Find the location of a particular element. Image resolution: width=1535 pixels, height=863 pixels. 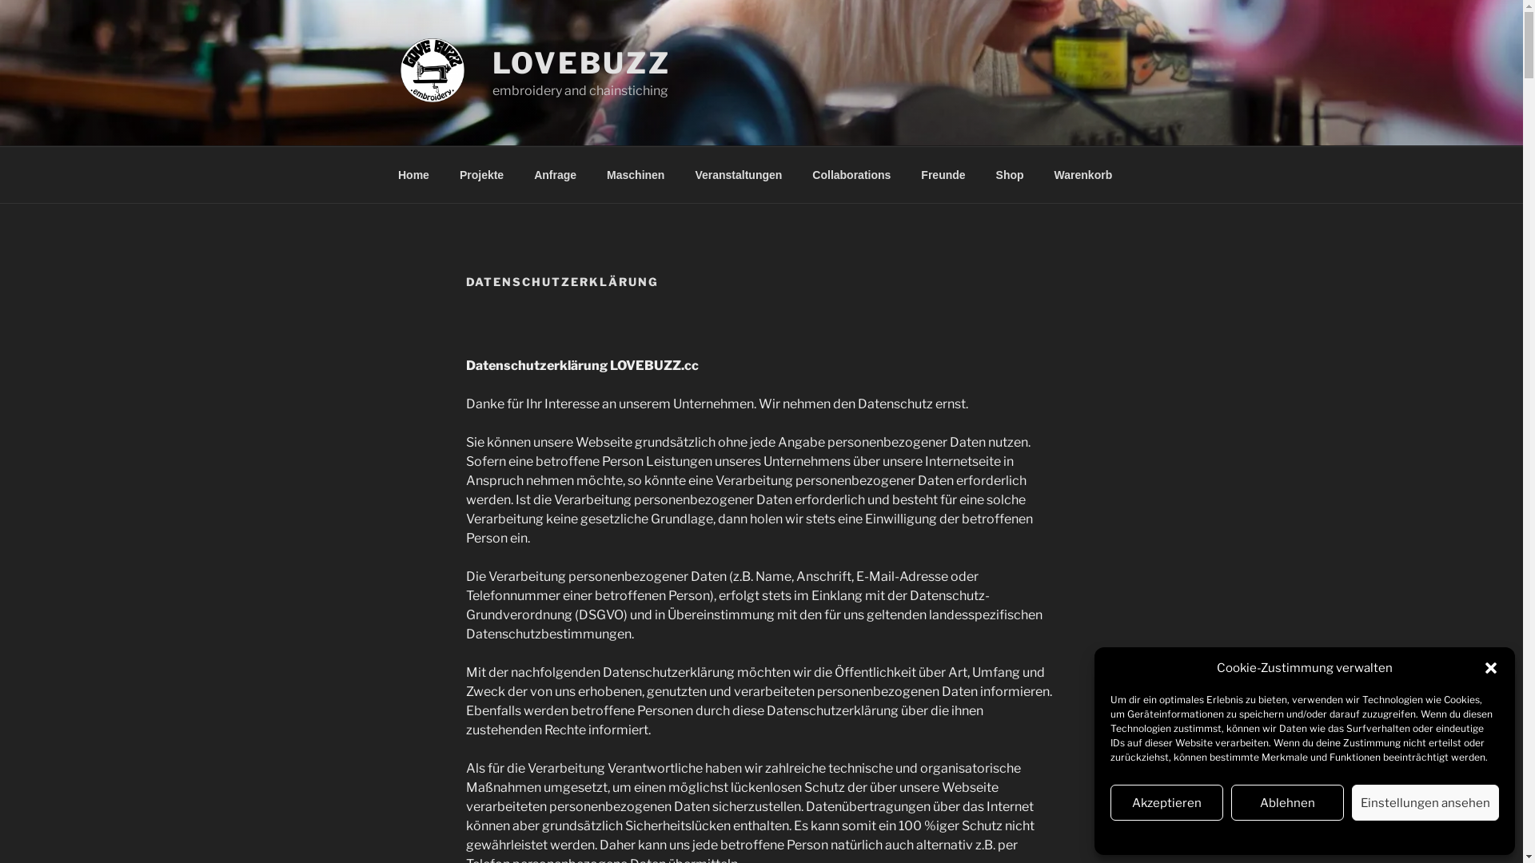

'LOVEBUZZ' is located at coordinates (580, 62).